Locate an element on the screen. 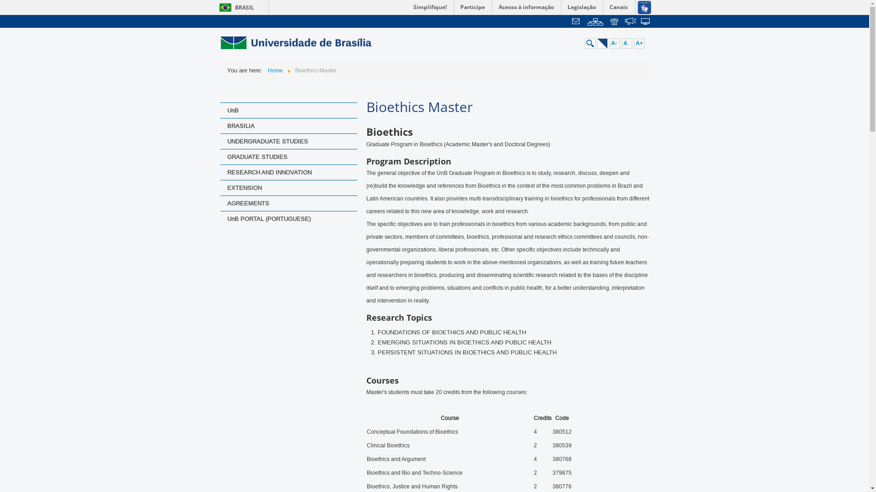 The image size is (876, 492). 'A+' is located at coordinates (639, 43).